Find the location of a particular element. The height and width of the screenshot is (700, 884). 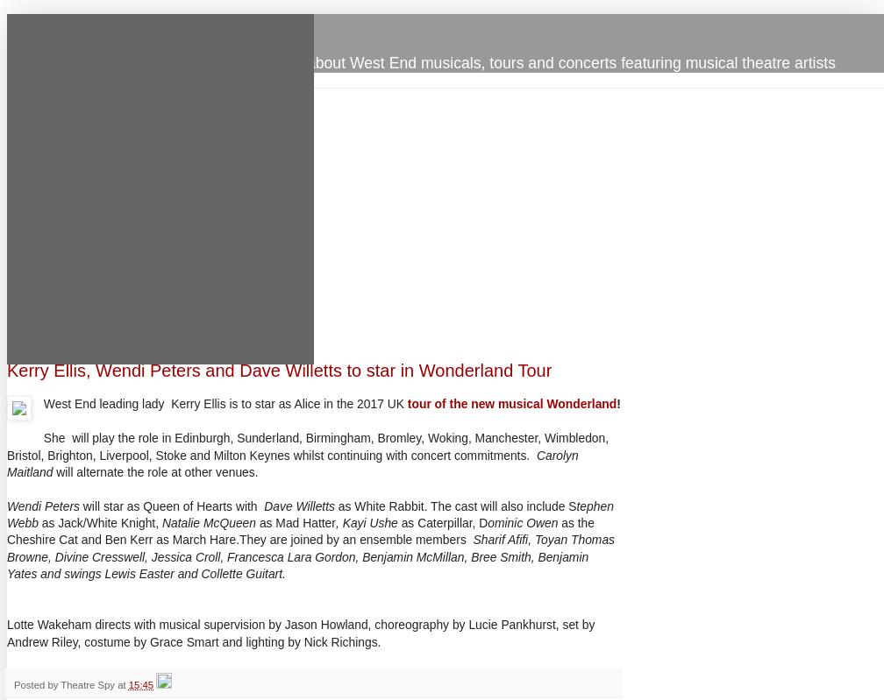

'Natalie McQueen' is located at coordinates (208, 522).